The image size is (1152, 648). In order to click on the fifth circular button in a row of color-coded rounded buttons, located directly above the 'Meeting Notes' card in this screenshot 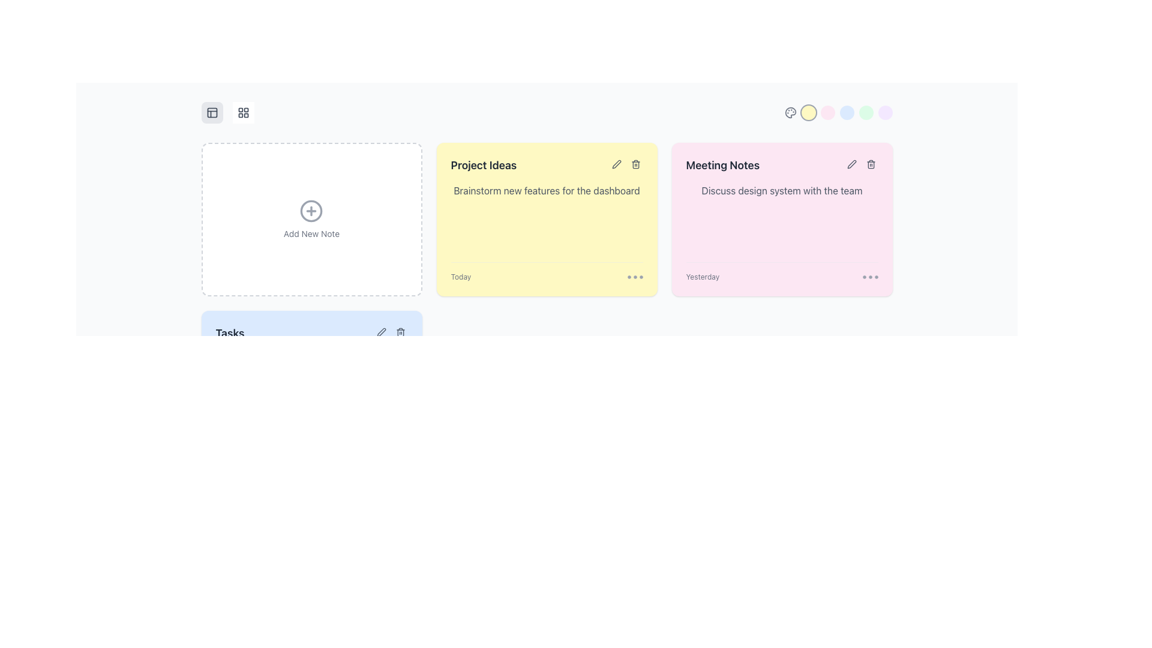, I will do `click(866, 113)`.